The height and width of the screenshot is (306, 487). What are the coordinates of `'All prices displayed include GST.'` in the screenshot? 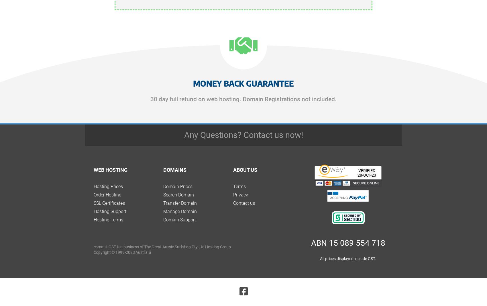 It's located at (347, 258).